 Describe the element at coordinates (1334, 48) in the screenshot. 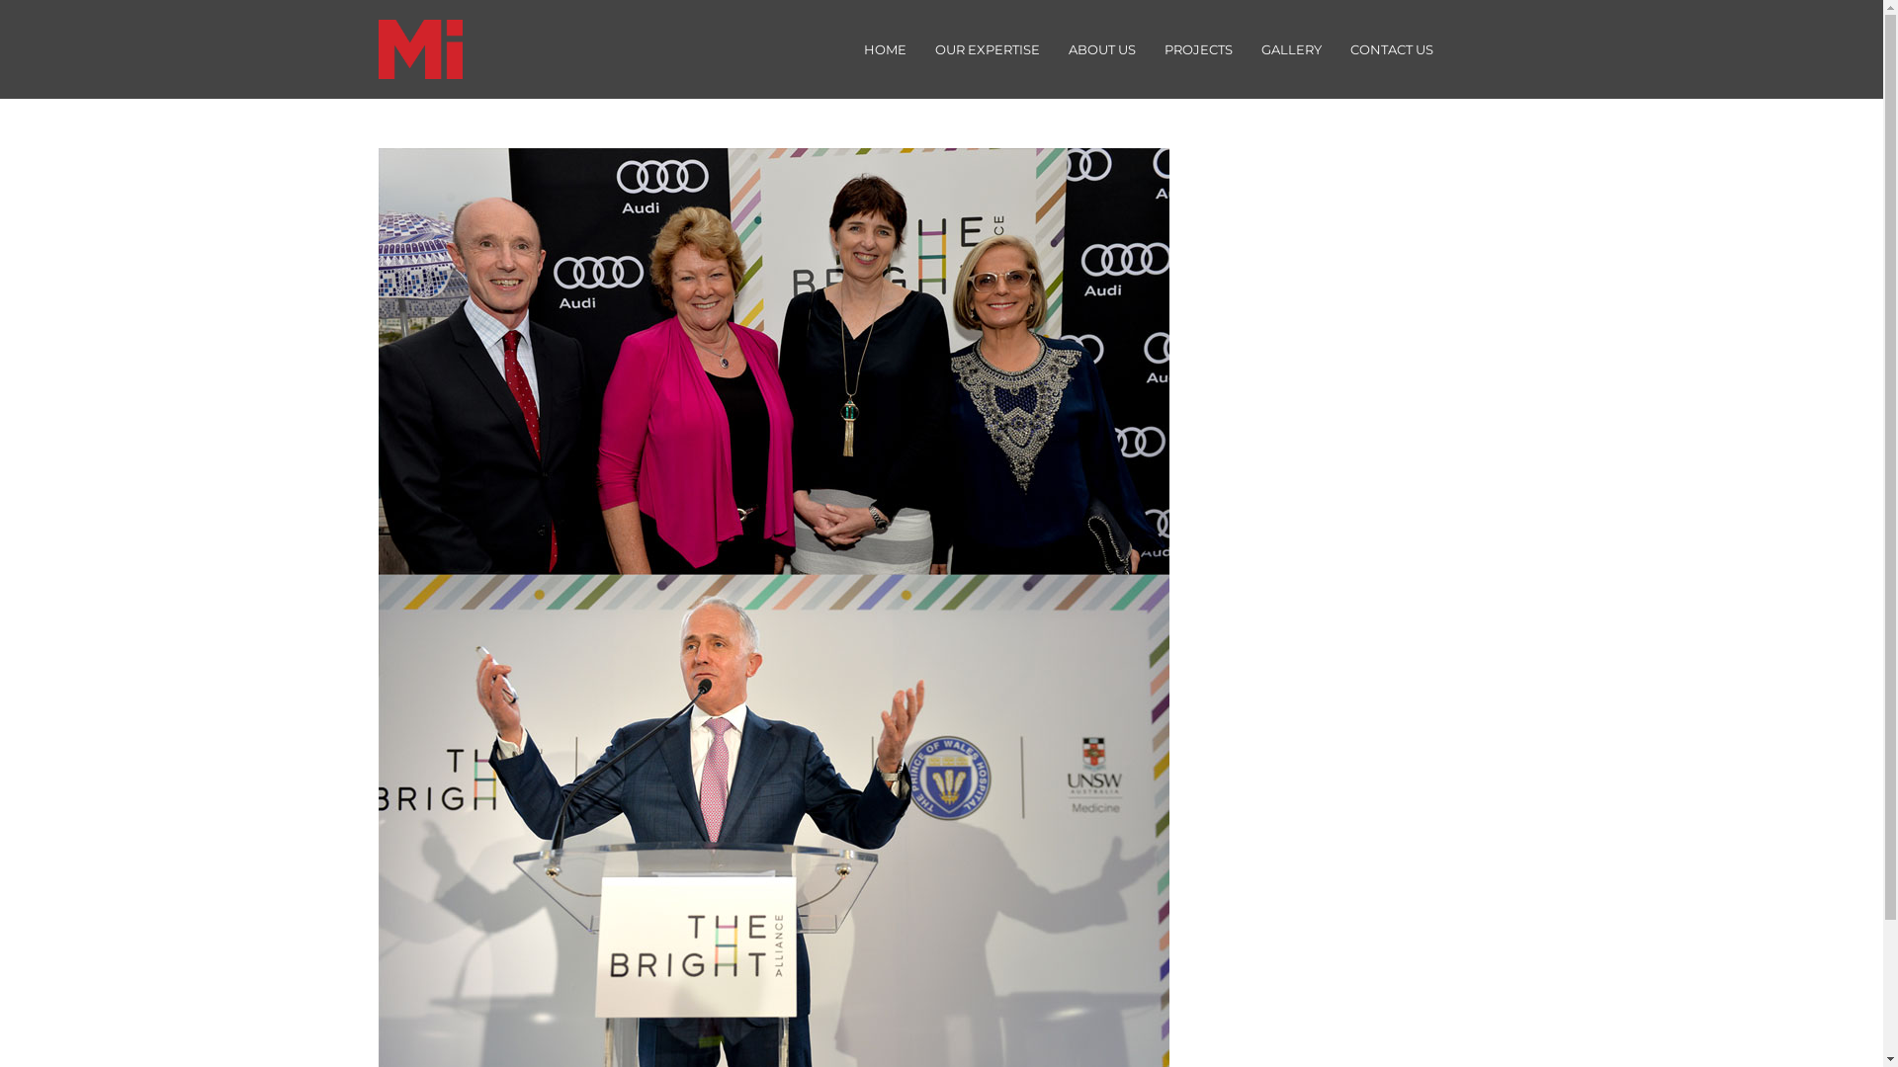

I see `'CONTACT US'` at that location.